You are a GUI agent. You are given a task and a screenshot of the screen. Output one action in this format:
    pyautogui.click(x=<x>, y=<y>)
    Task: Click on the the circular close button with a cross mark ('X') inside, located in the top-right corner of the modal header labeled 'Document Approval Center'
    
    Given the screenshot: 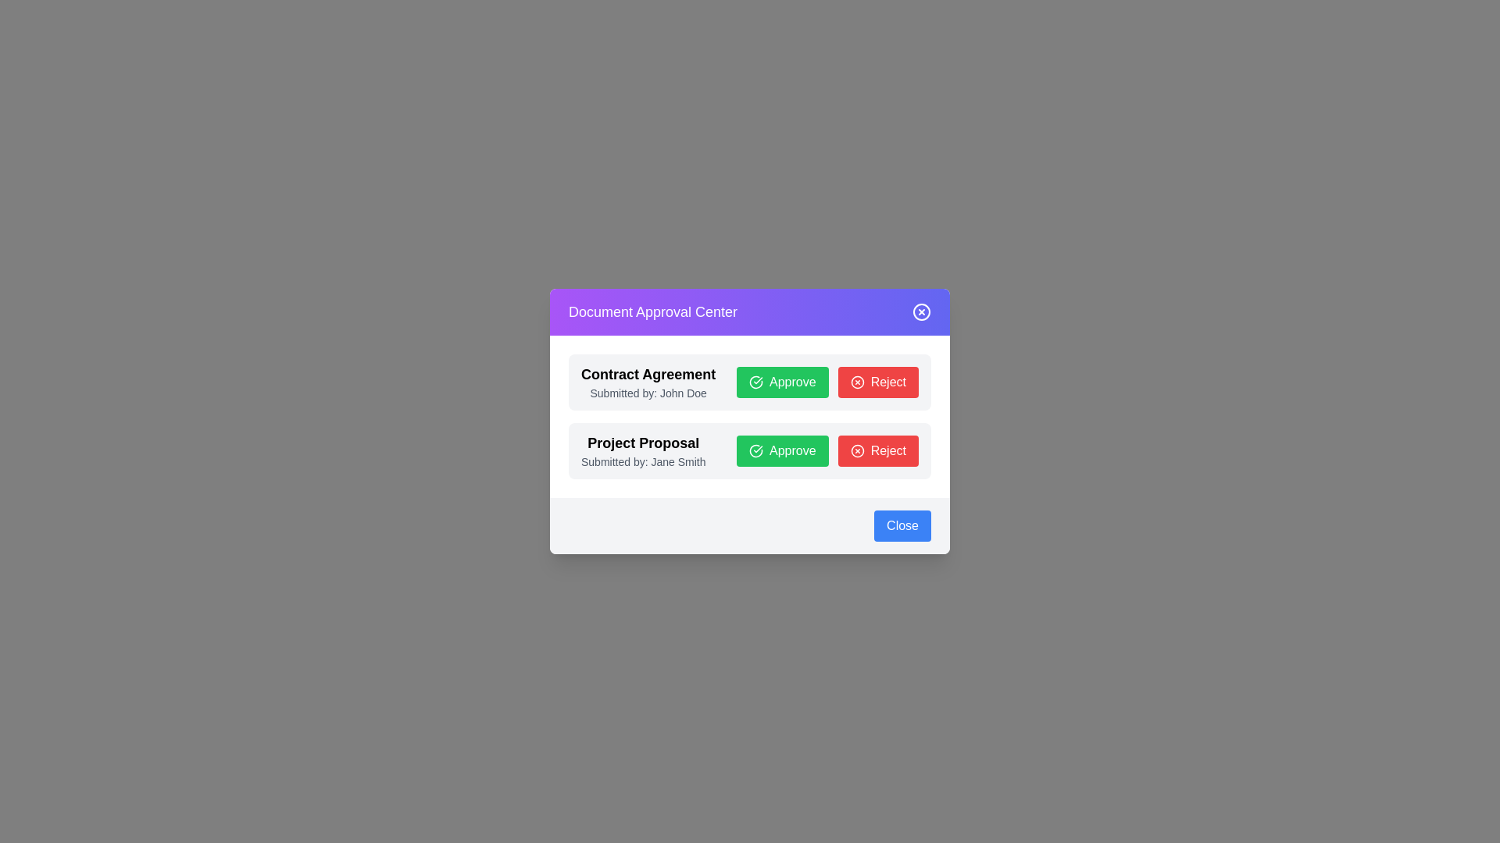 What is the action you would take?
    pyautogui.click(x=922, y=312)
    